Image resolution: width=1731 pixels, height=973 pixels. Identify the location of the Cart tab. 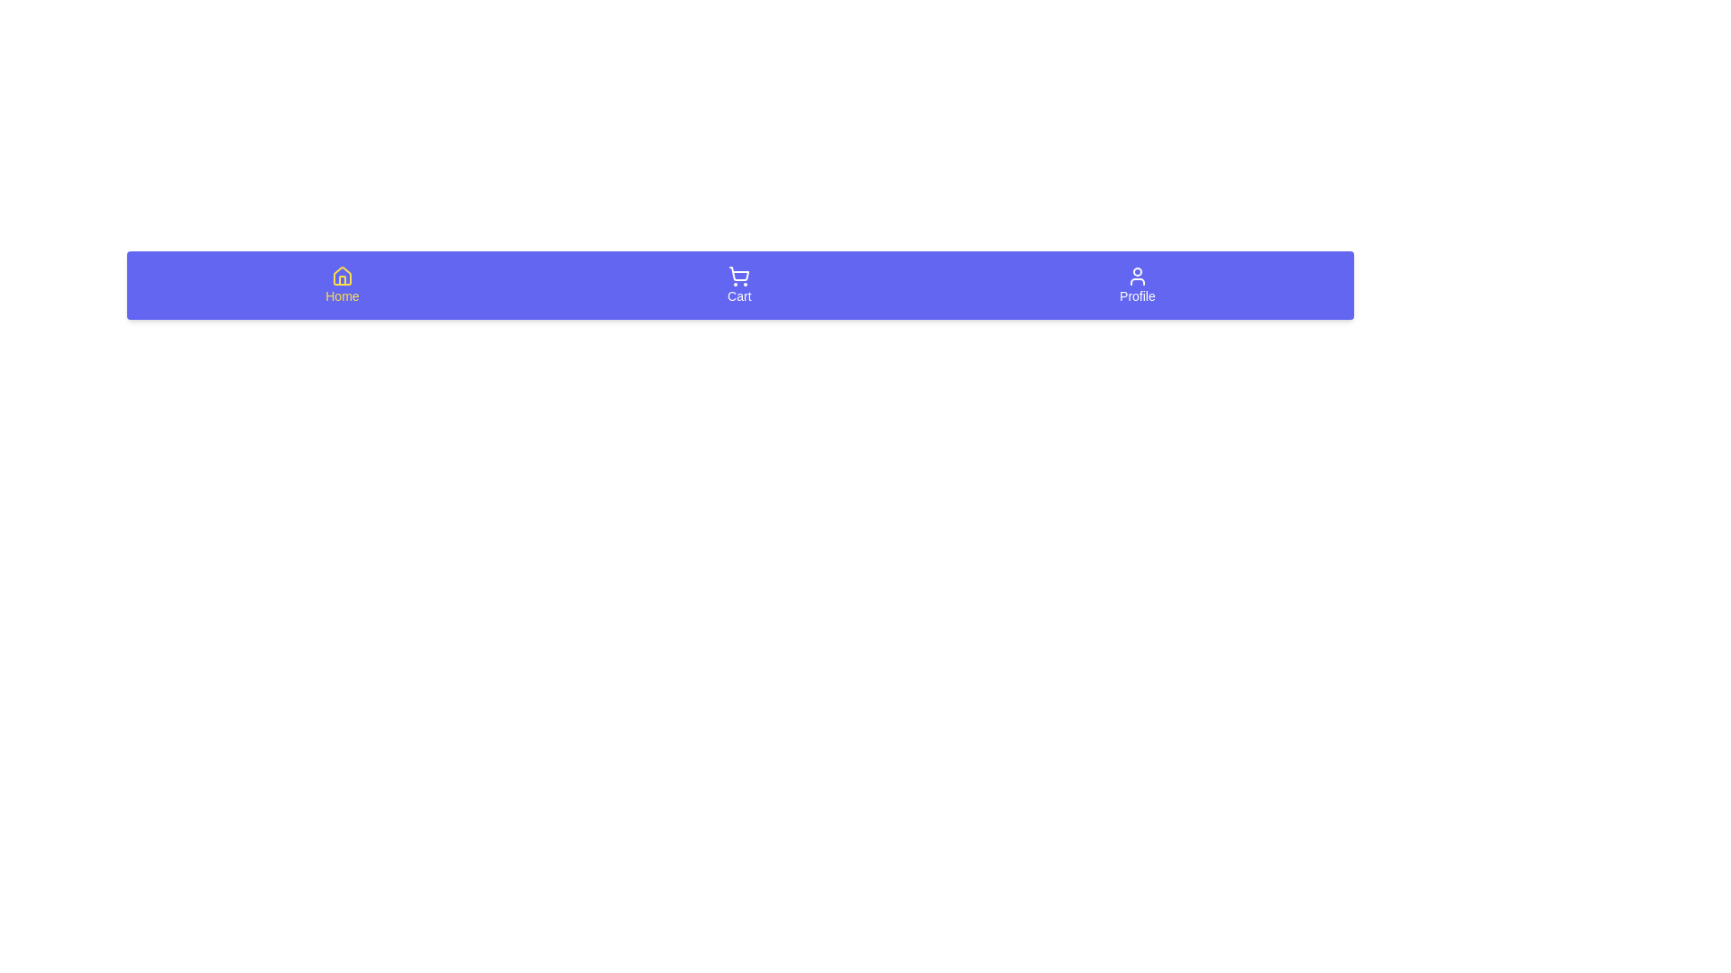
(739, 284).